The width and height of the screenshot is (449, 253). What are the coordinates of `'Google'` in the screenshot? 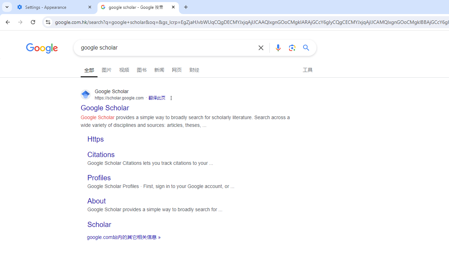 It's located at (42, 48).